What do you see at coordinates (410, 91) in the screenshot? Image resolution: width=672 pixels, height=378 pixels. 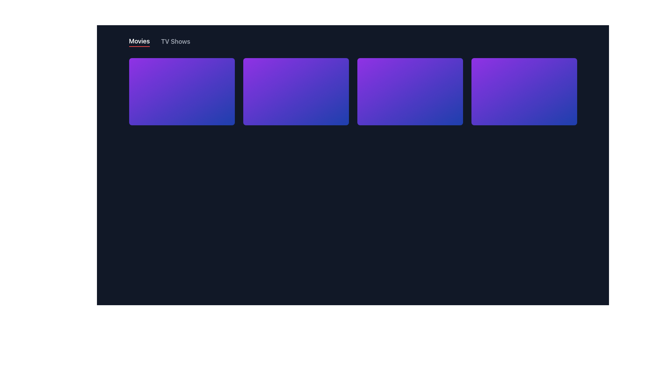 I see `the third card` at bounding box center [410, 91].